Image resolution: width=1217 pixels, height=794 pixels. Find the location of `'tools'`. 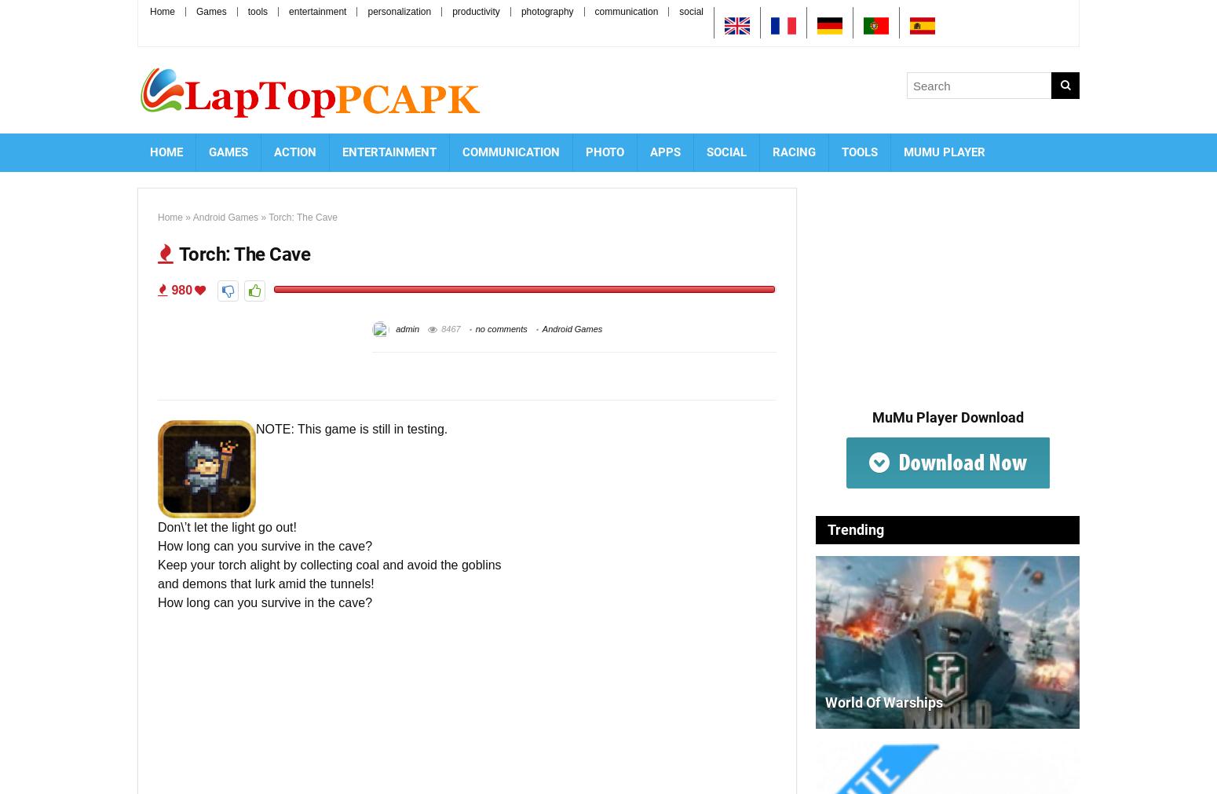

'tools' is located at coordinates (256, 10).